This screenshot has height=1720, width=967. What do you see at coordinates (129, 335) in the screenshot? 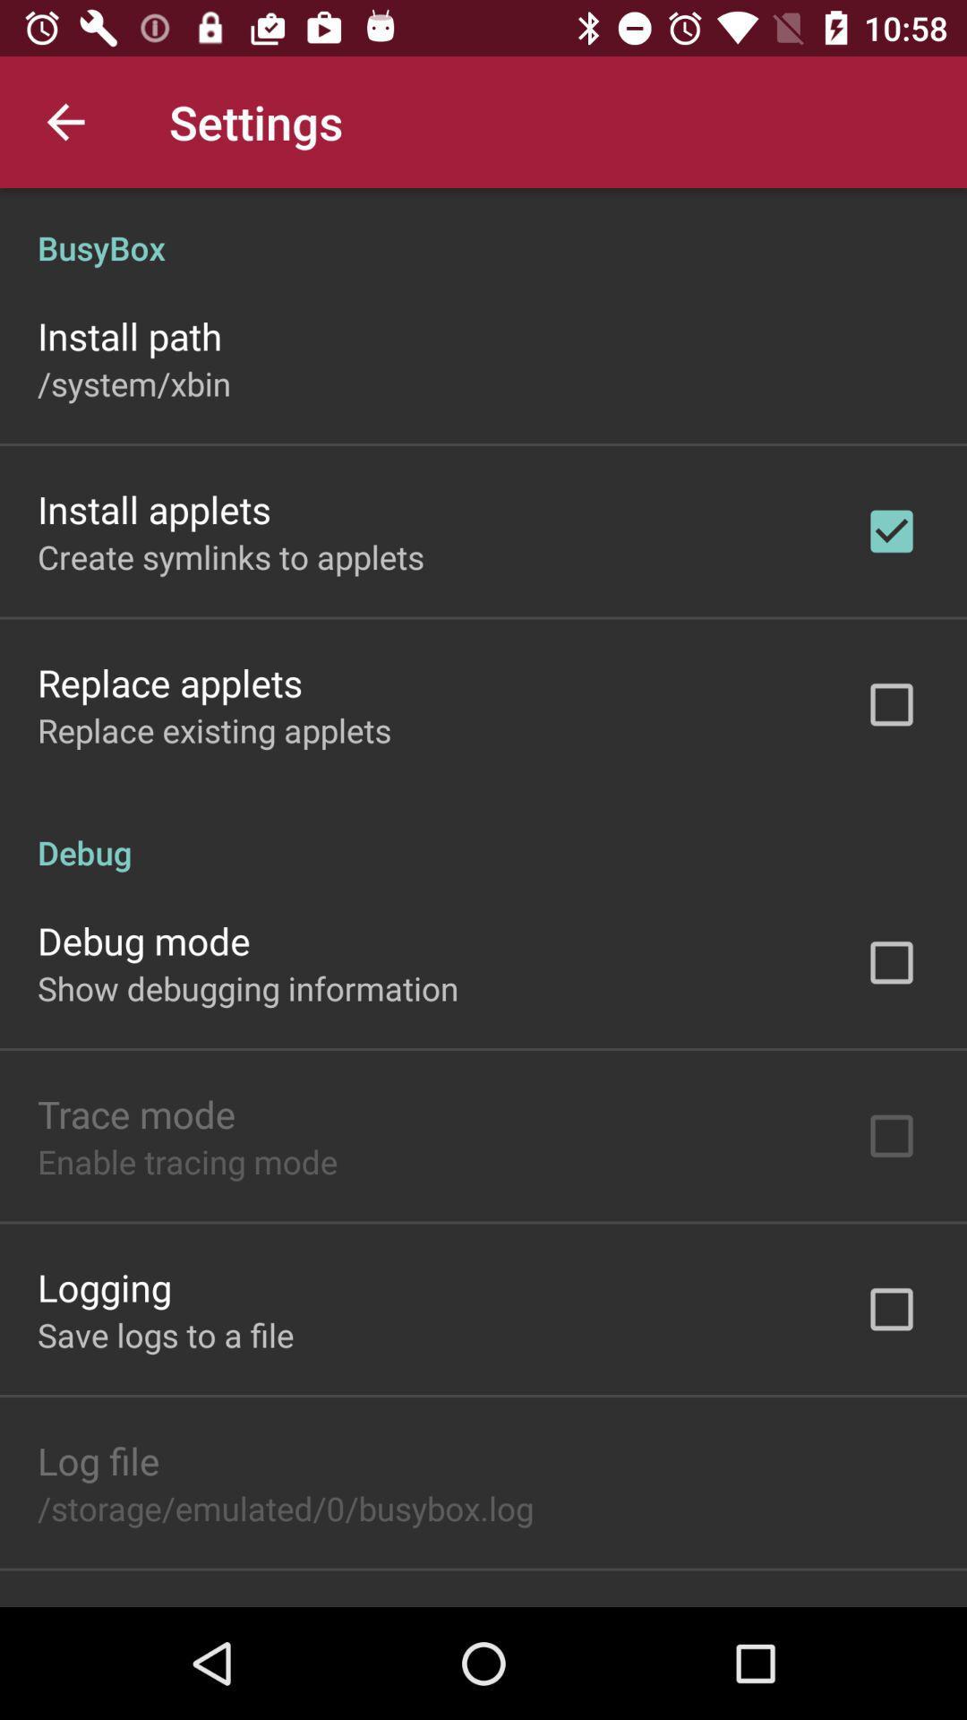
I see `the install path` at bounding box center [129, 335].